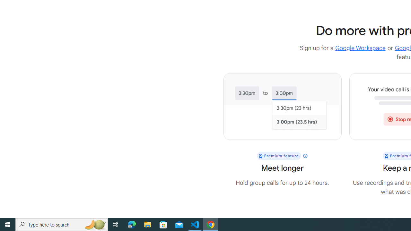 This screenshot has height=231, width=411. I want to click on 'Google Workspace', so click(360, 48).